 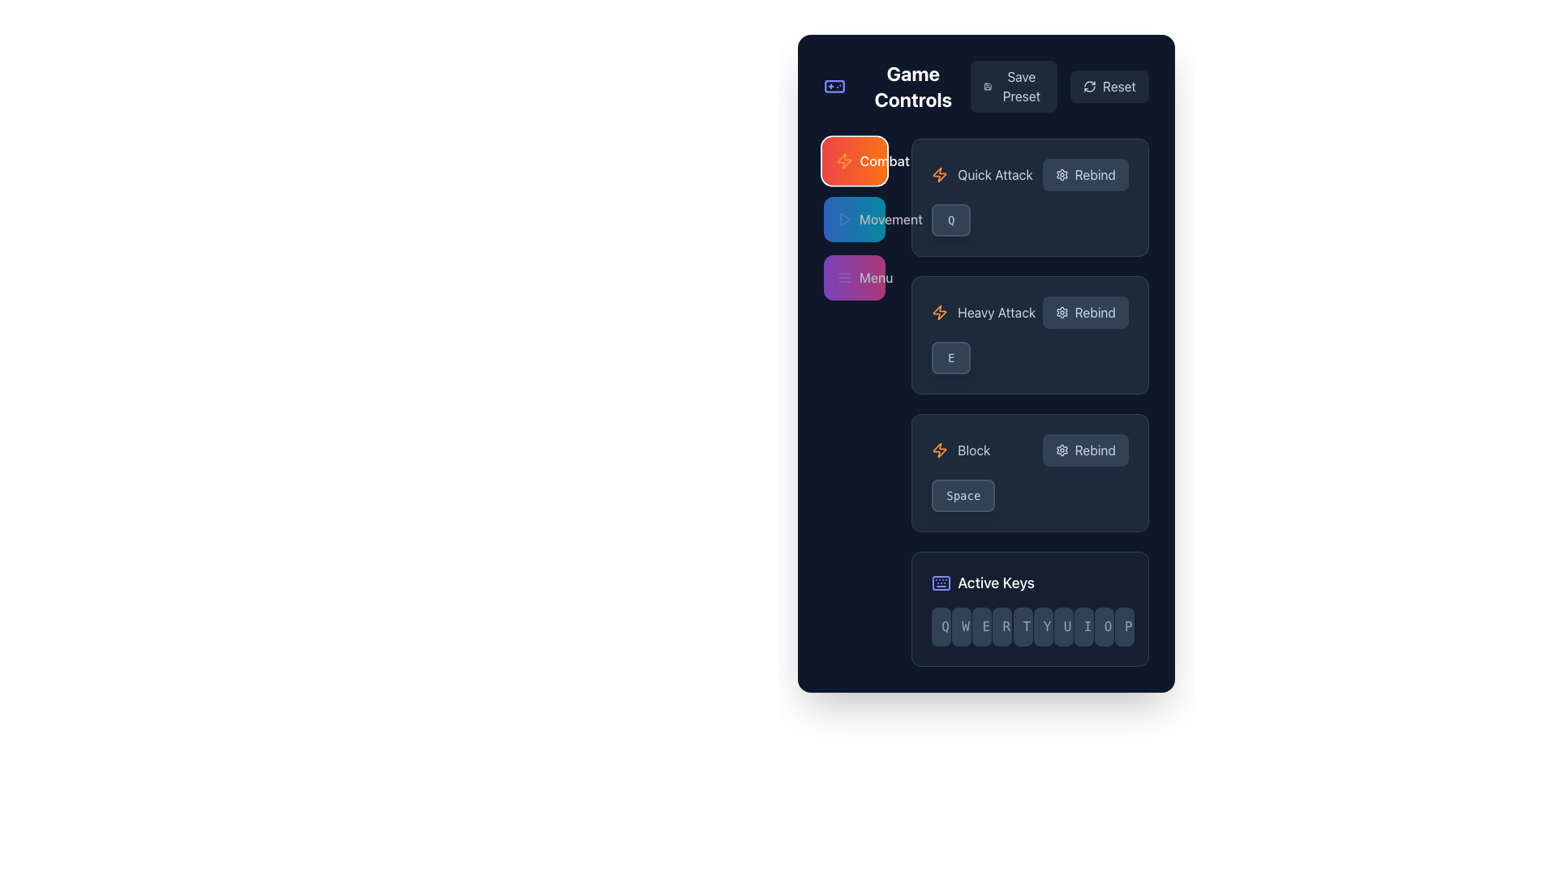 I want to click on the grid layout element displaying the text 'QWERTYUIOP' in the 'Active Keys' section, so click(x=1029, y=626).